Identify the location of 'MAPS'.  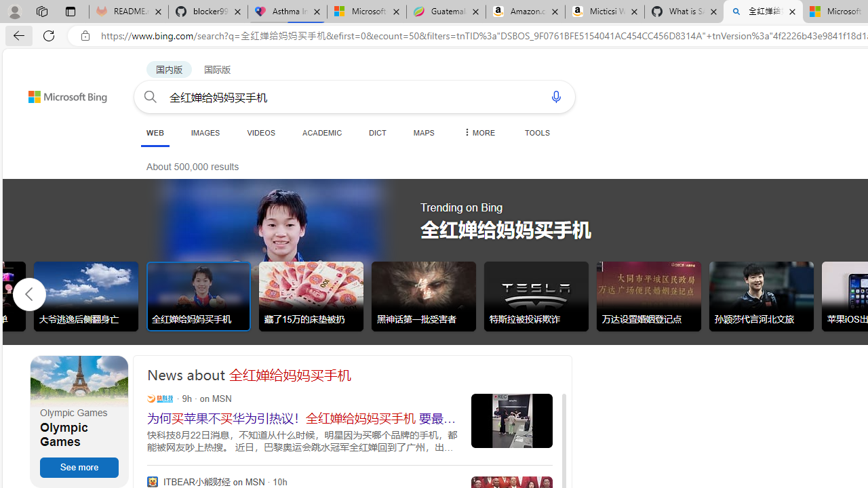
(423, 132).